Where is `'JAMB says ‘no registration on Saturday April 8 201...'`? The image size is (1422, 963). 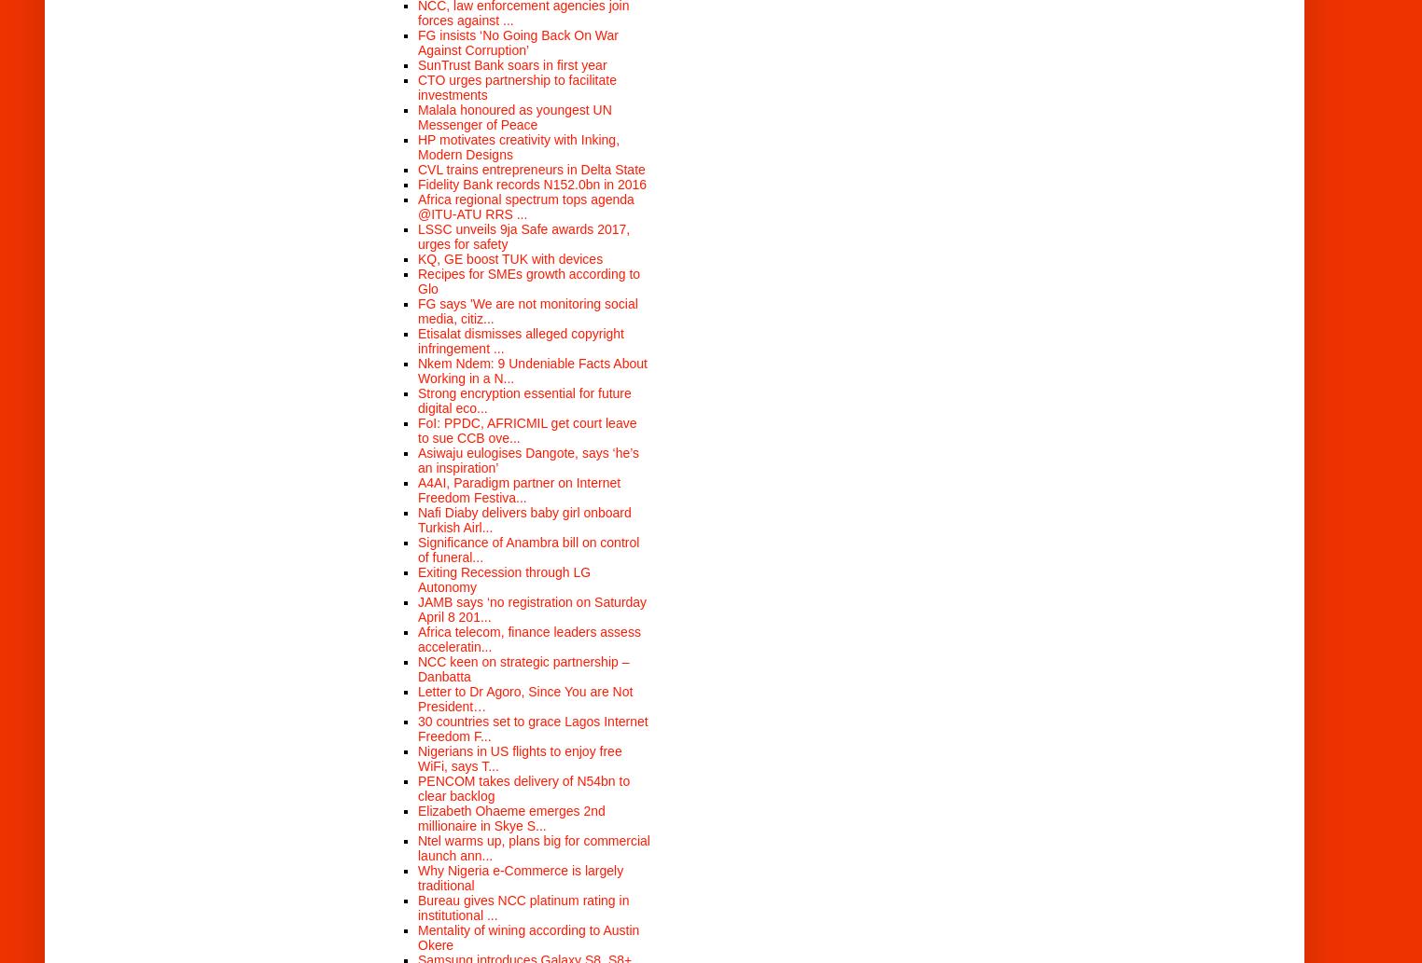
'JAMB says ‘no registration on Saturday April 8 201...' is located at coordinates (531, 607).